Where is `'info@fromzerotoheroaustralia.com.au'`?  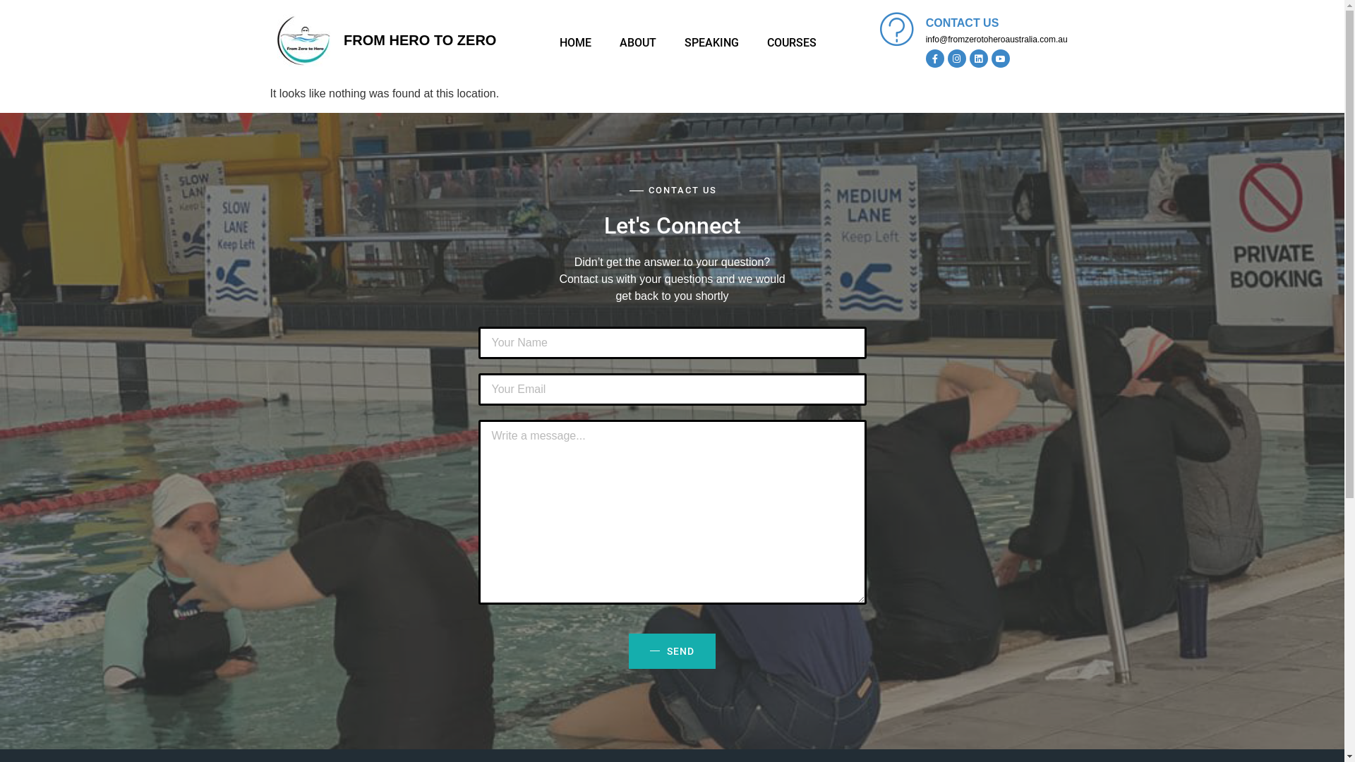 'info@fromzerotoheroaustralia.com.au' is located at coordinates (996, 39).